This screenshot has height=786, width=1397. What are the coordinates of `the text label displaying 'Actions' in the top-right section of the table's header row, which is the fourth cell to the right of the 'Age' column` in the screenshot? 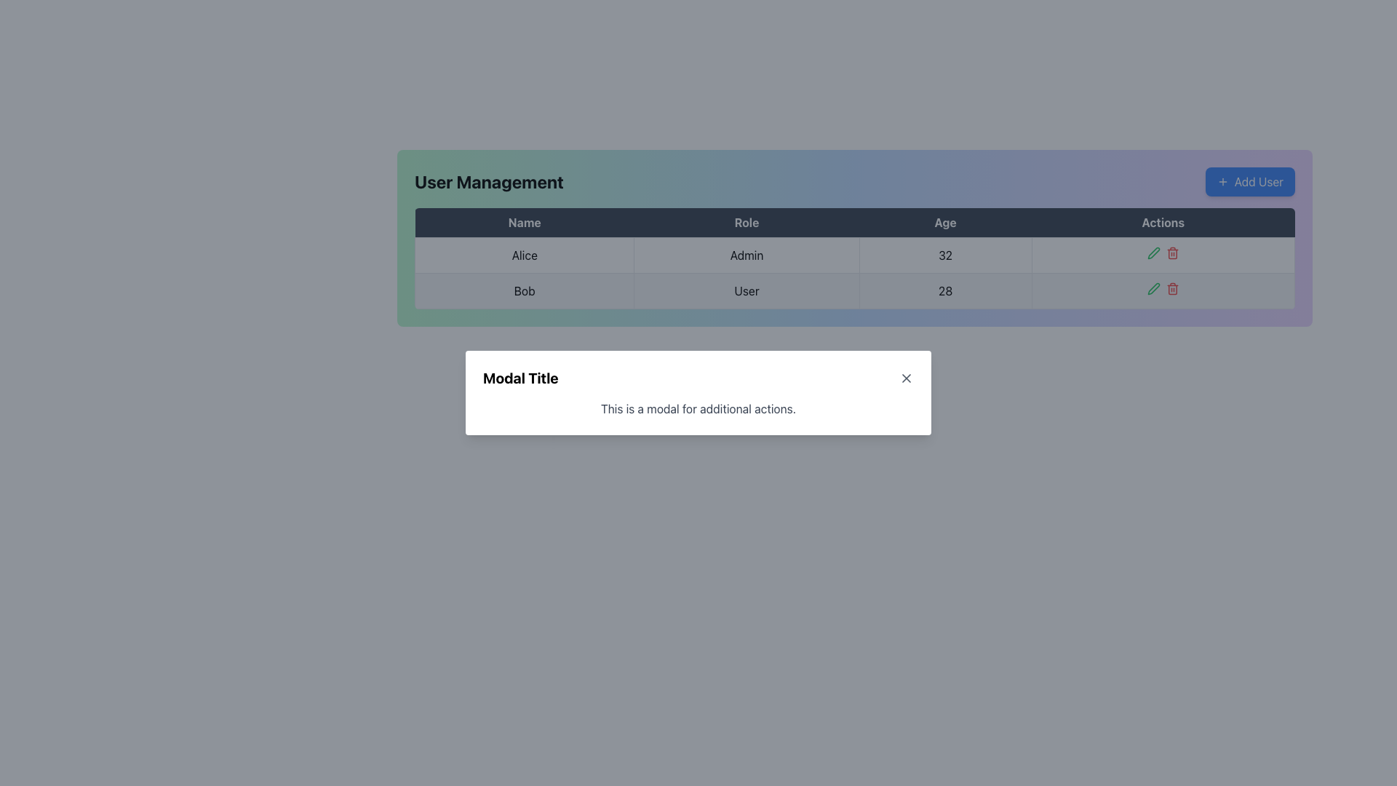 It's located at (1162, 223).